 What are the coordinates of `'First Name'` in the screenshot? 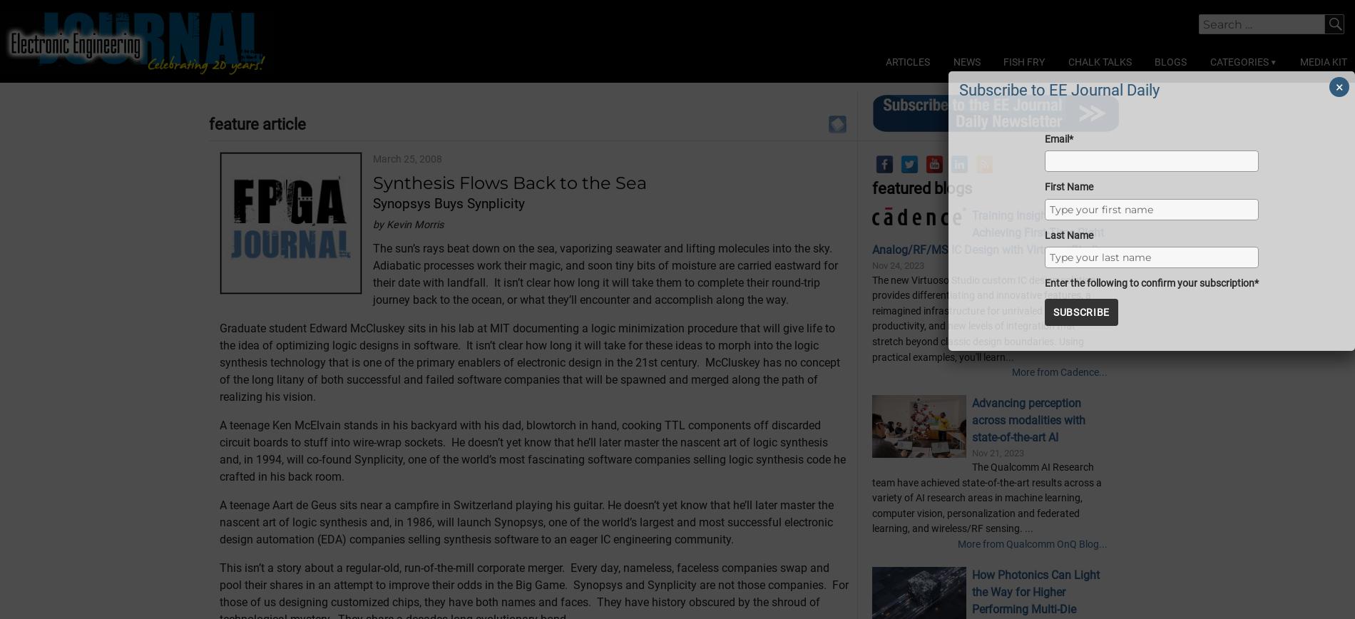 It's located at (1068, 186).